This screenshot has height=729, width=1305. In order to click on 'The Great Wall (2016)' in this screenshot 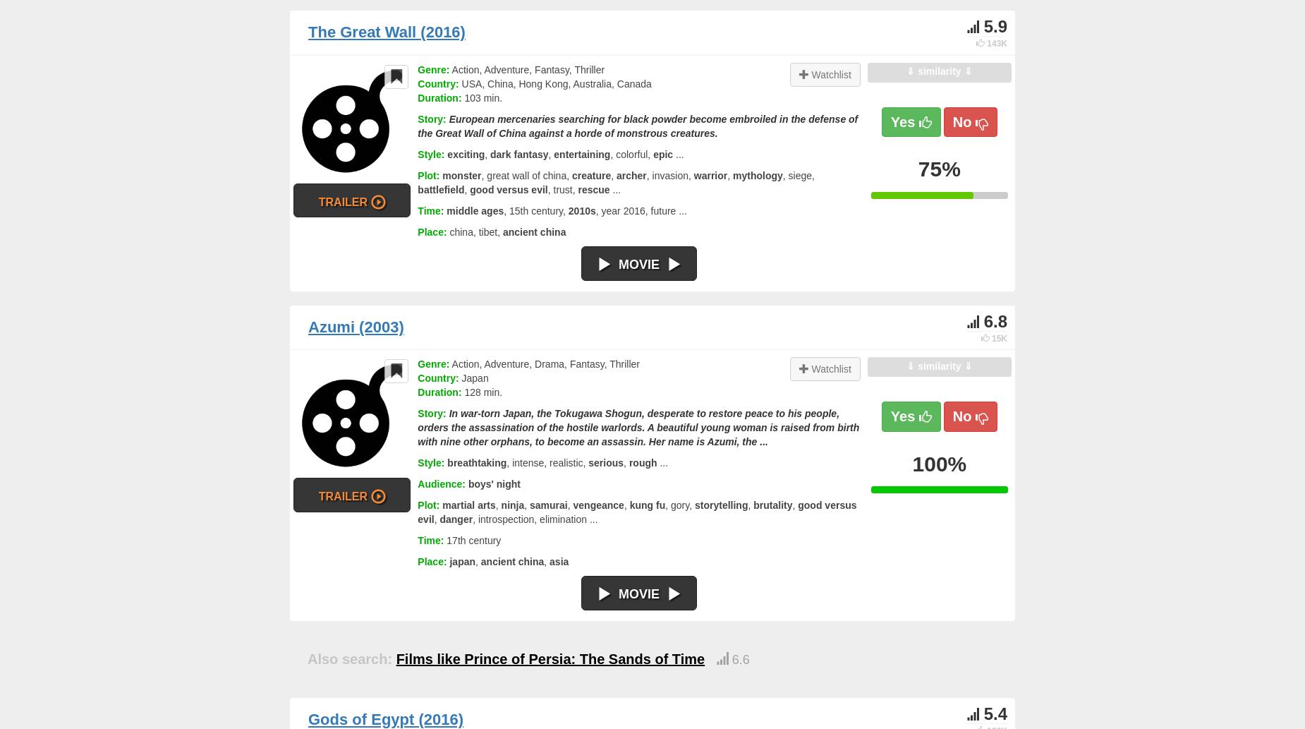, I will do `click(386, 32)`.